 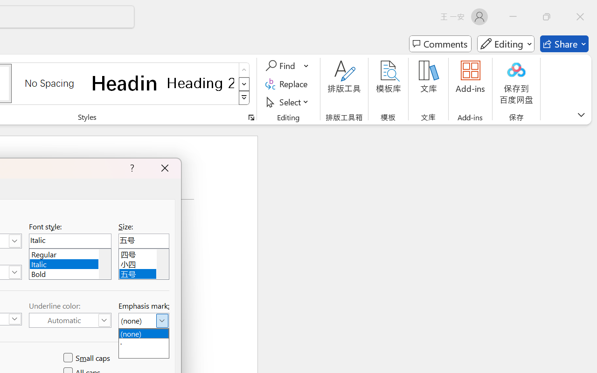 What do you see at coordinates (244, 70) in the screenshot?
I see `'Row up'` at bounding box center [244, 70].